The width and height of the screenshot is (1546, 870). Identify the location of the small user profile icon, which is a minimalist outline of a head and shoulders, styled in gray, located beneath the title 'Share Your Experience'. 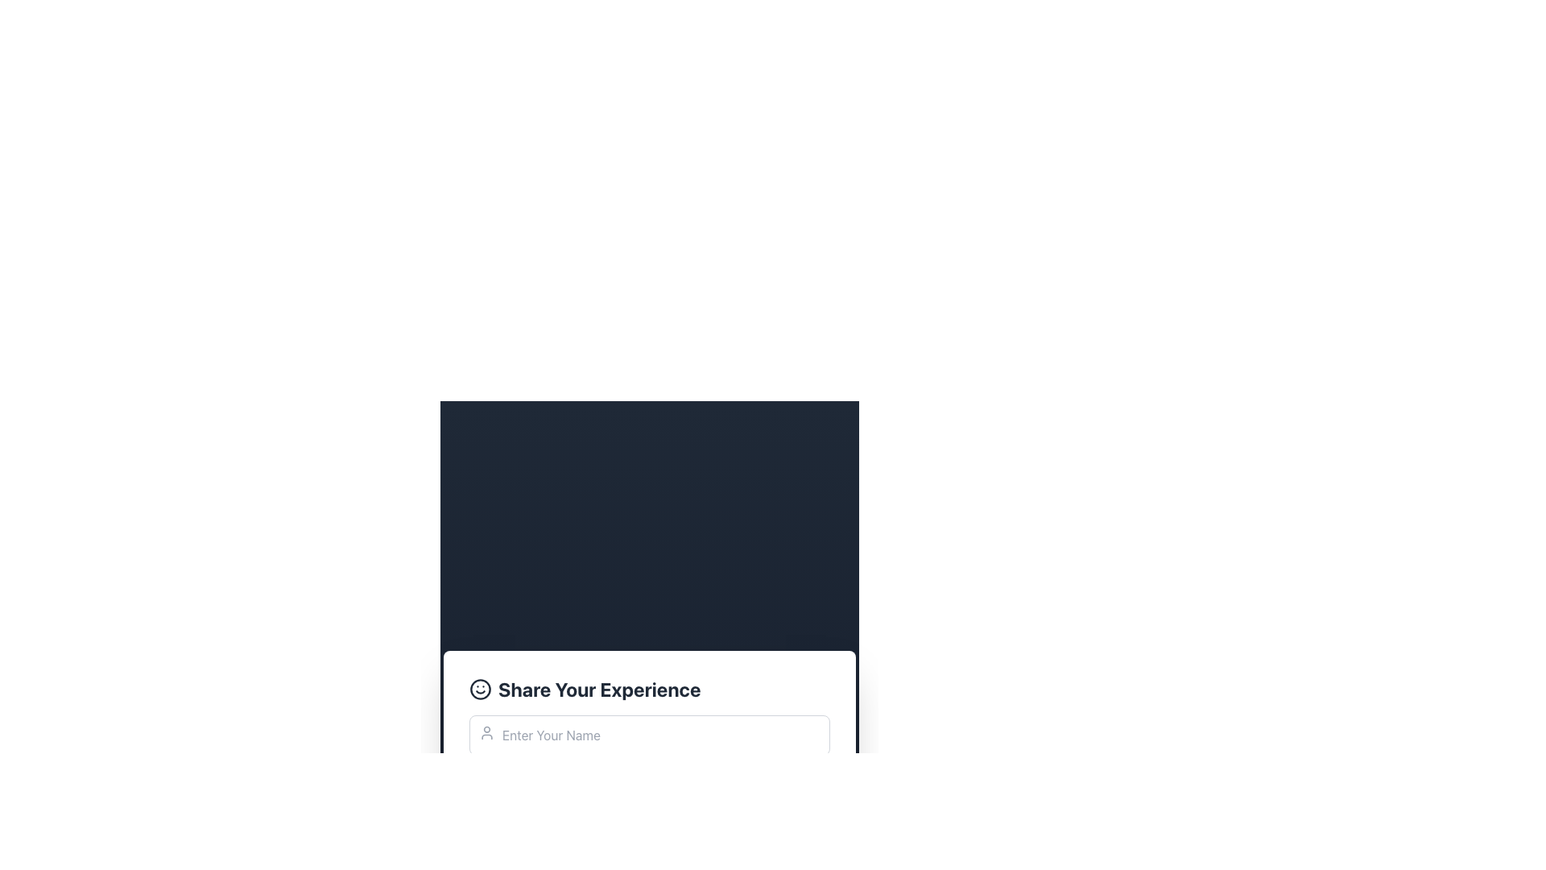
(486, 733).